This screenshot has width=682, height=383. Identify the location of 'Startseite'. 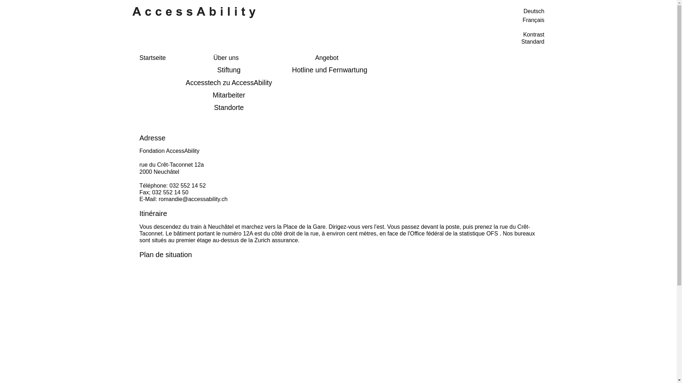
(152, 58).